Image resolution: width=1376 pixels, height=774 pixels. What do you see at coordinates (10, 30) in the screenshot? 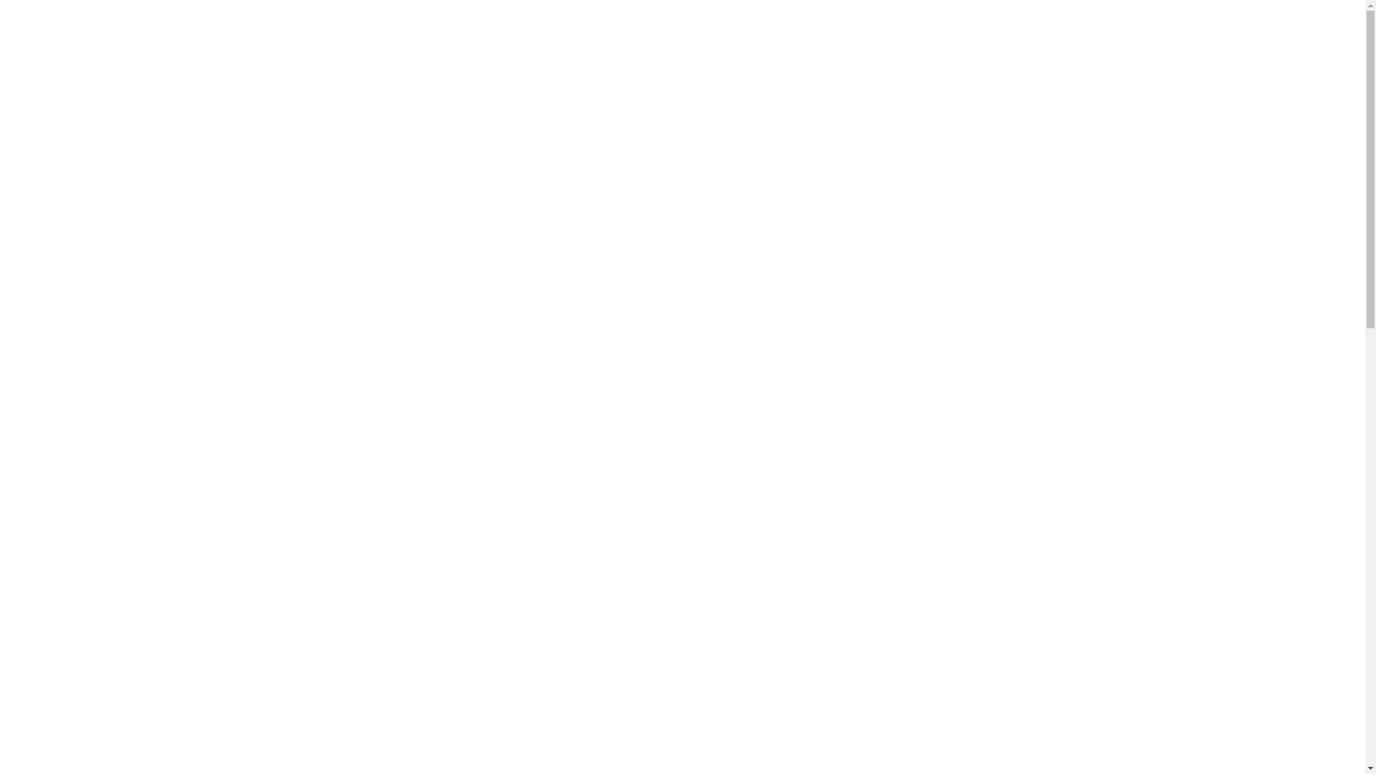
I see `'Aller au contenu'` at bounding box center [10, 30].